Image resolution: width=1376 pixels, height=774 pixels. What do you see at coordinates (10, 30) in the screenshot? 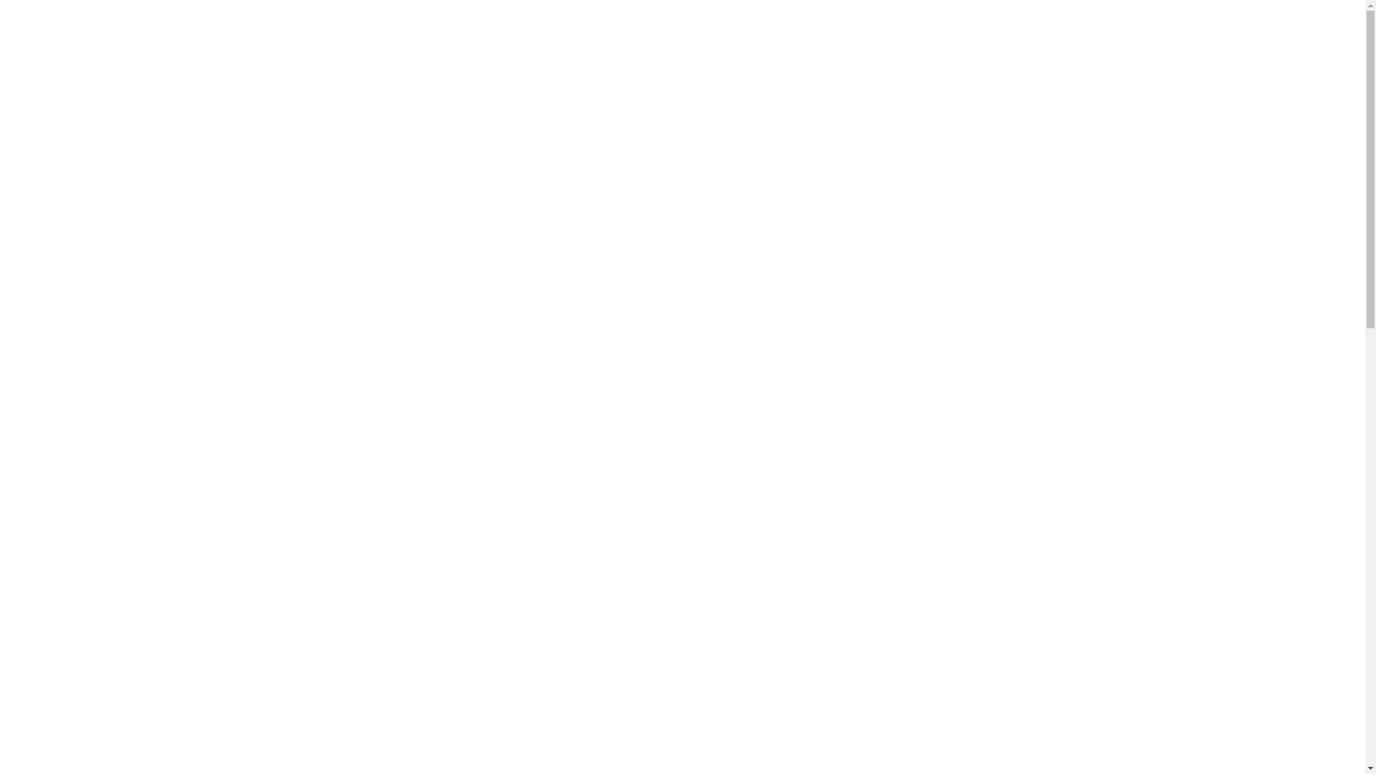
I see `'Aller au contenu'` at bounding box center [10, 30].